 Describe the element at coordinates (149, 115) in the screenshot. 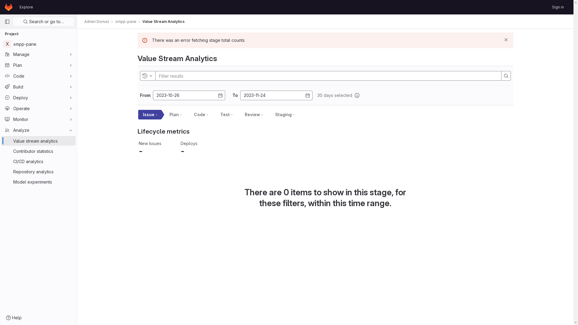

I see `'Issue` at that location.